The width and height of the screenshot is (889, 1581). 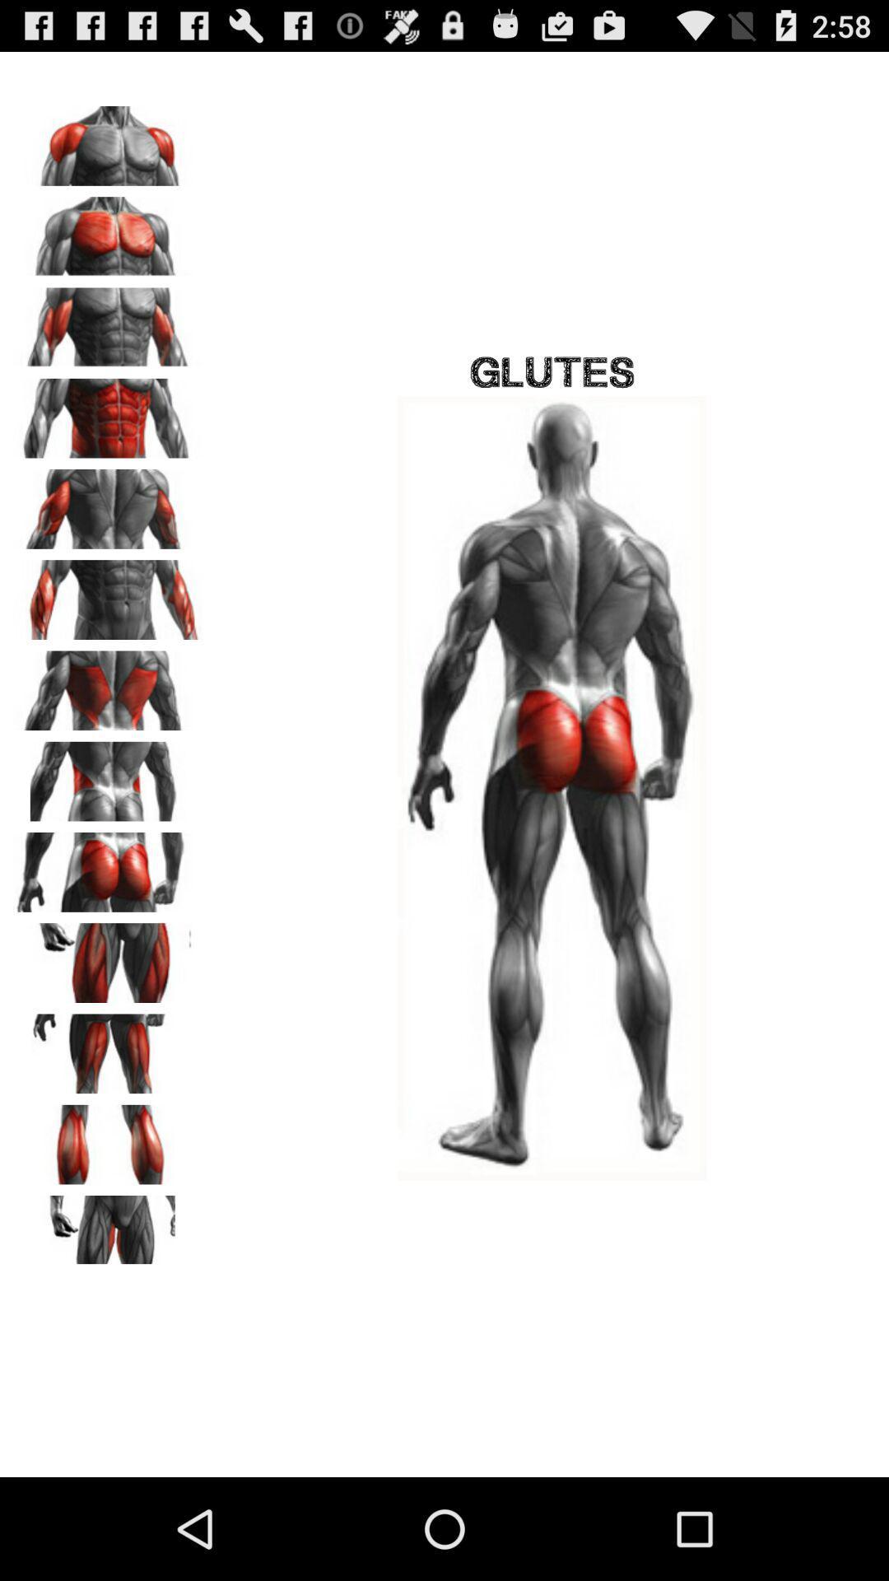 I want to click on upper arms, so click(x=108, y=502).